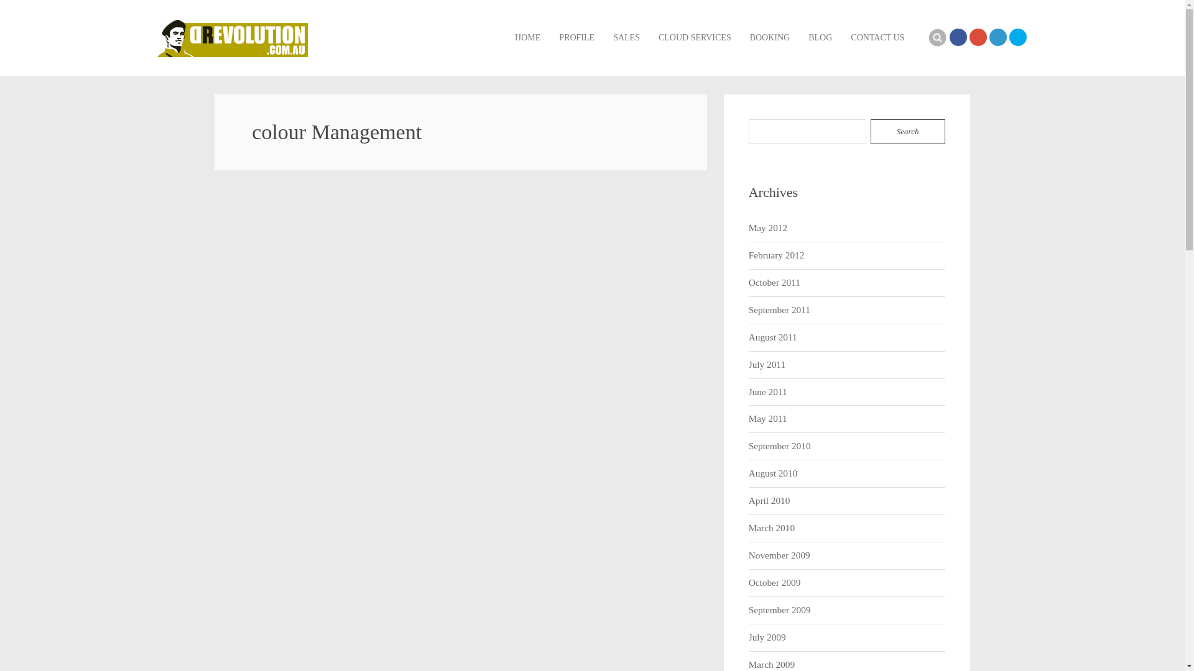  I want to click on 'July 2009', so click(748, 637).